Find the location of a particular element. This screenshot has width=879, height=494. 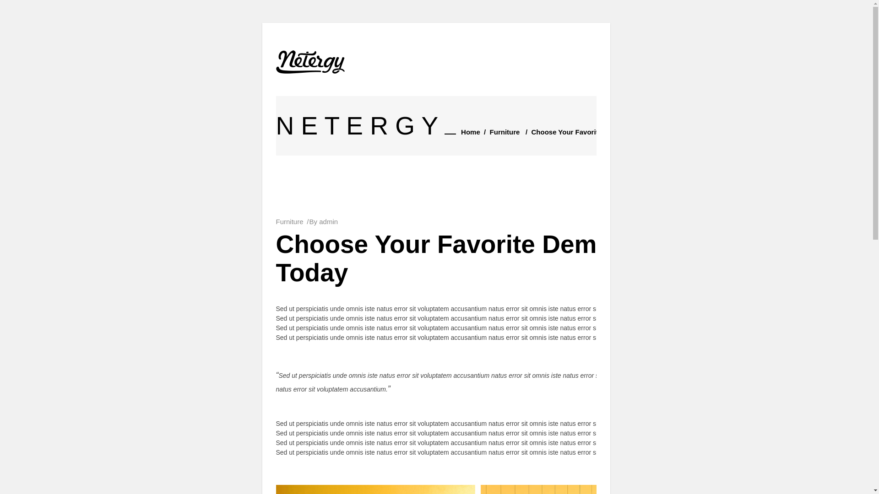

'admin' is located at coordinates (328, 221).